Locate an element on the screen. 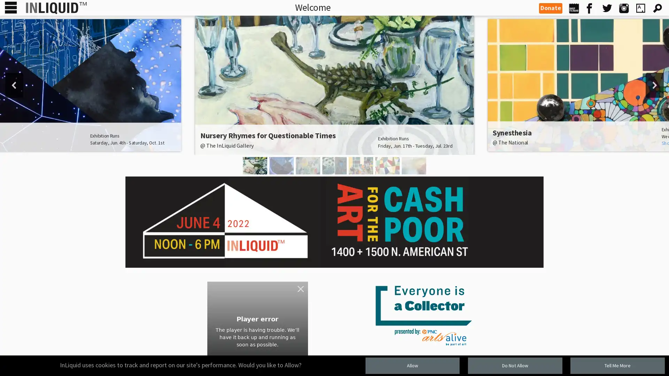  You Are Here is located at coordinates (281, 165).